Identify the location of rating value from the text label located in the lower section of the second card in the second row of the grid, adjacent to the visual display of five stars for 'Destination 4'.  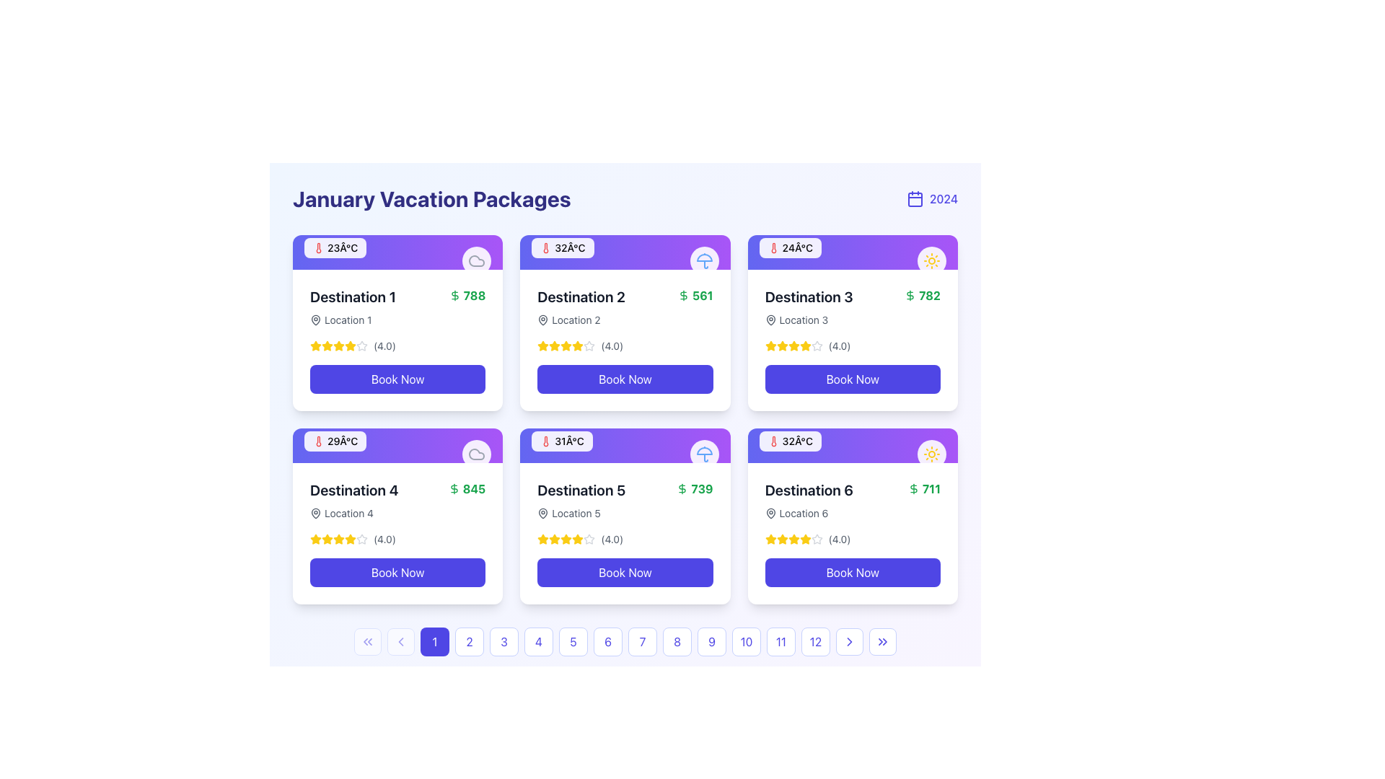
(384, 540).